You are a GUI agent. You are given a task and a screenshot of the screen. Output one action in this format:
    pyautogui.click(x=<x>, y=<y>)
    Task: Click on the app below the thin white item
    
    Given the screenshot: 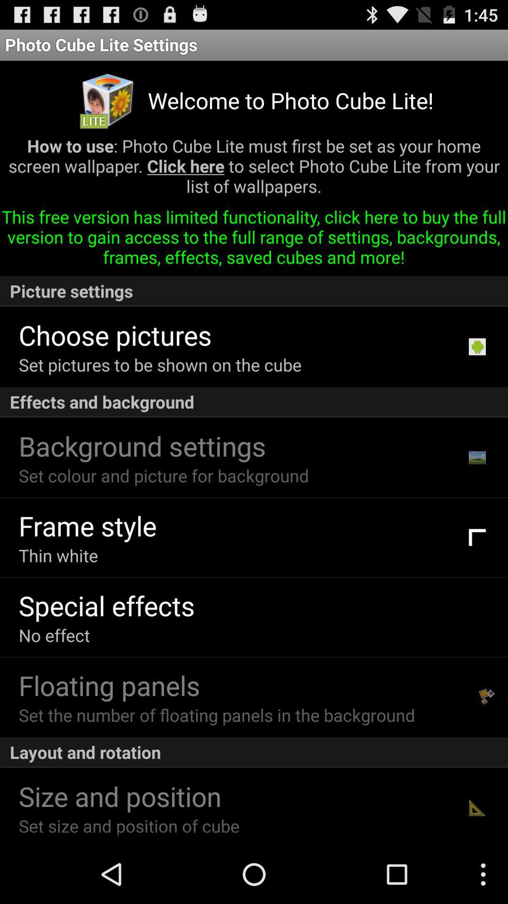 What is the action you would take?
    pyautogui.click(x=106, y=605)
    